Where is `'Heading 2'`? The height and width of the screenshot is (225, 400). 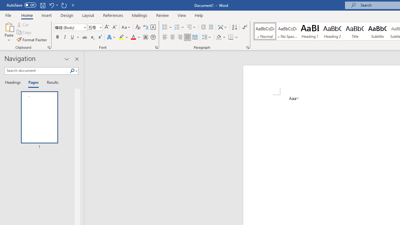 'Heading 2' is located at coordinates (332, 31).